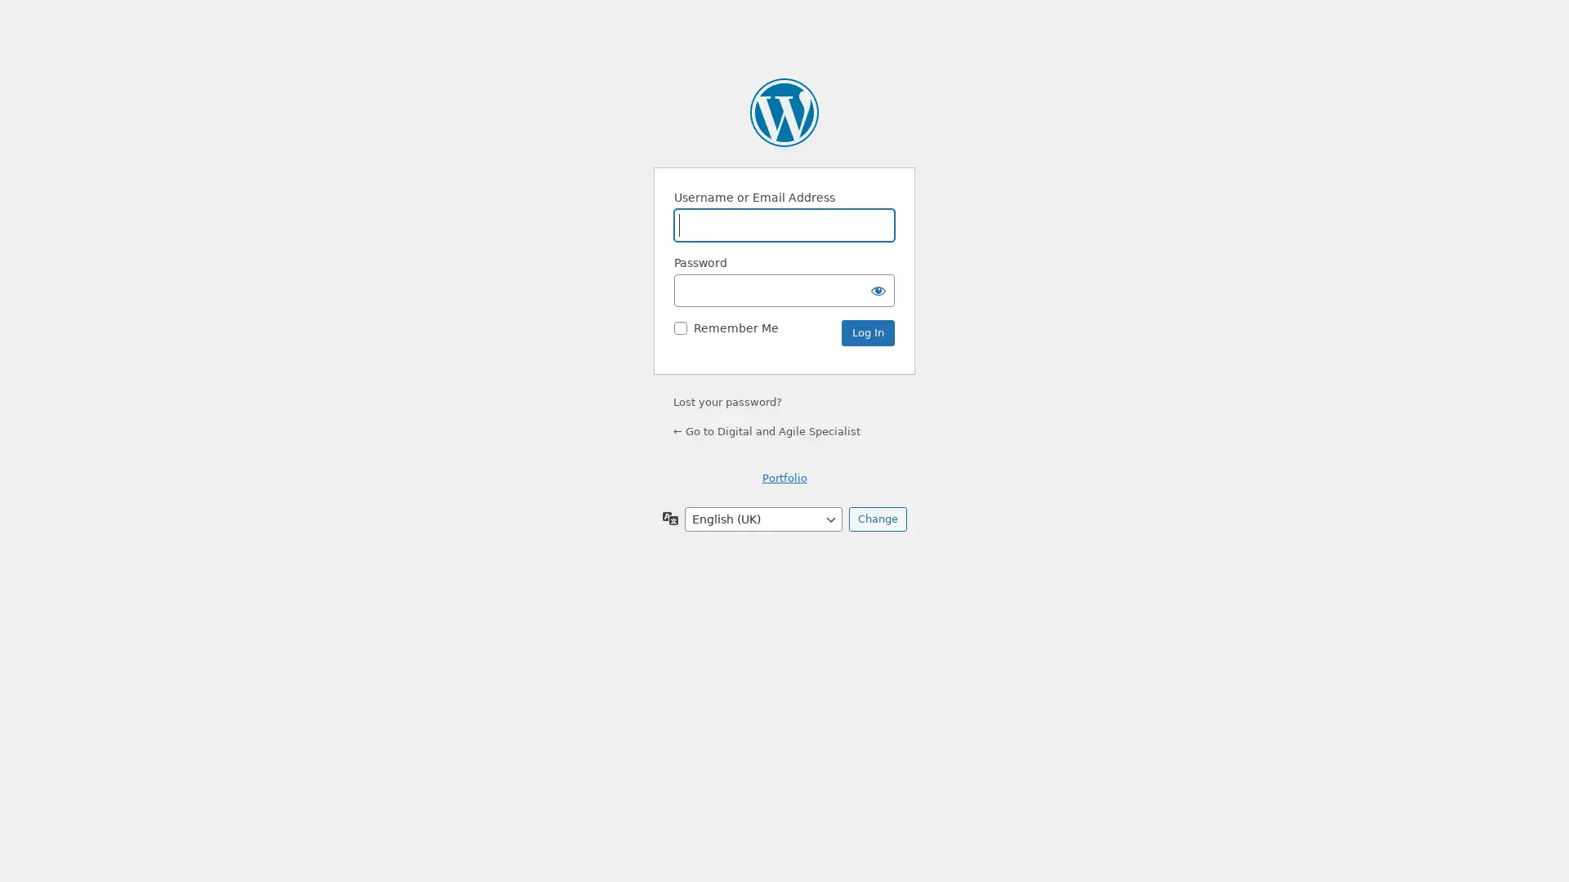 The width and height of the screenshot is (1569, 882). Describe the element at coordinates (867, 332) in the screenshot. I see `Log In` at that location.